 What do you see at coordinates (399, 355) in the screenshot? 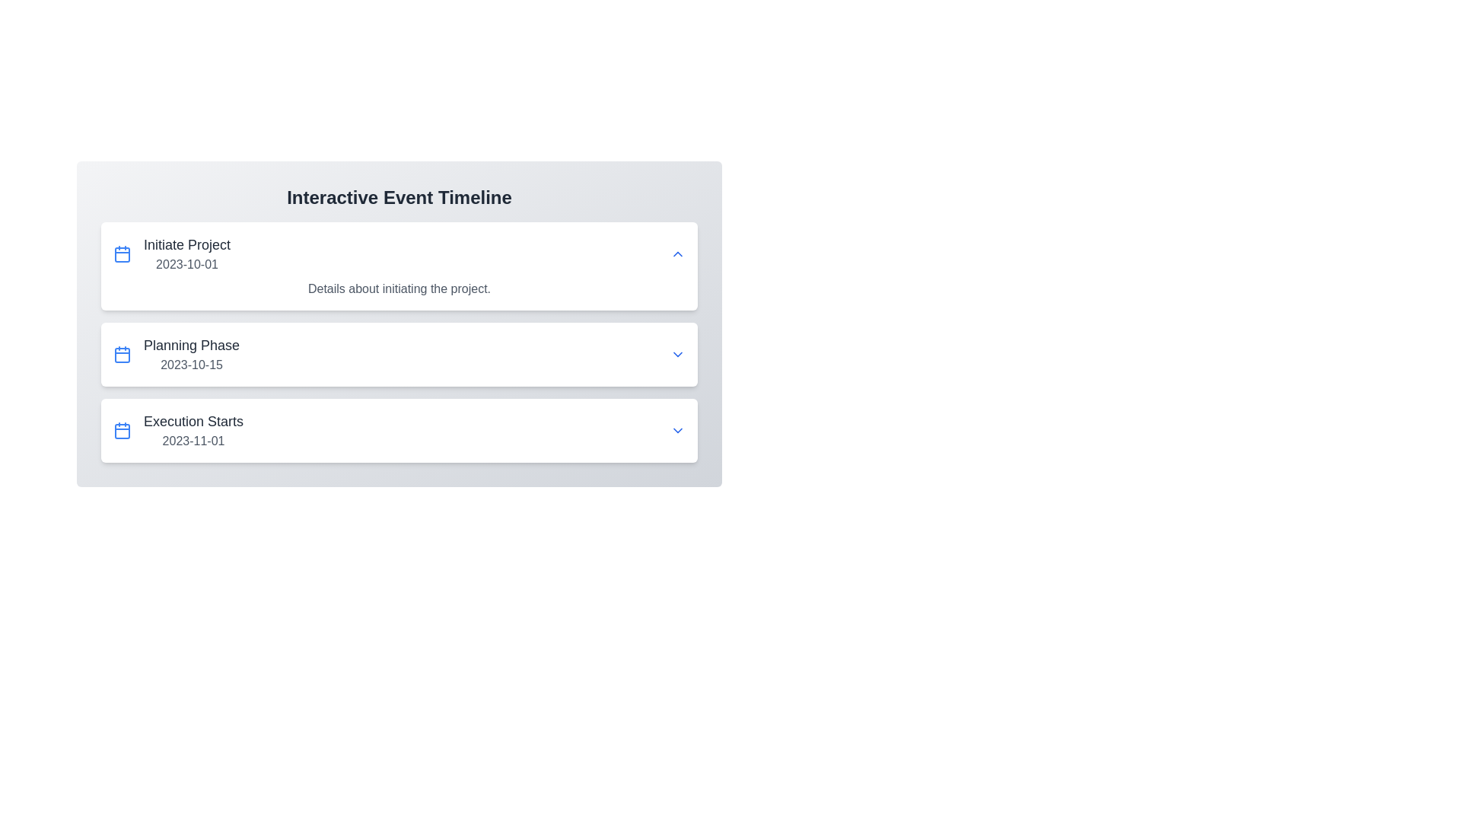
I see `the second item in the event timeline list that indicates the 'Planning Phase'` at bounding box center [399, 355].